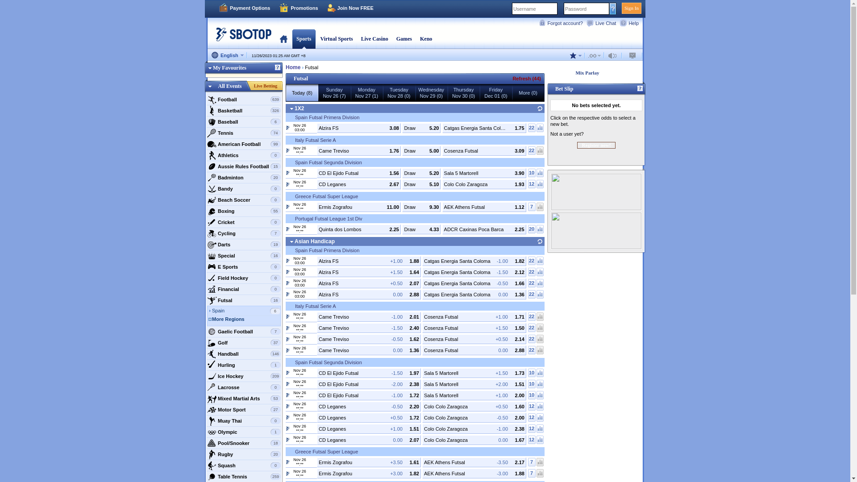 This screenshot has height=482, width=857. Describe the element at coordinates (474, 271) in the screenshot. I see `'2.12` at that location.